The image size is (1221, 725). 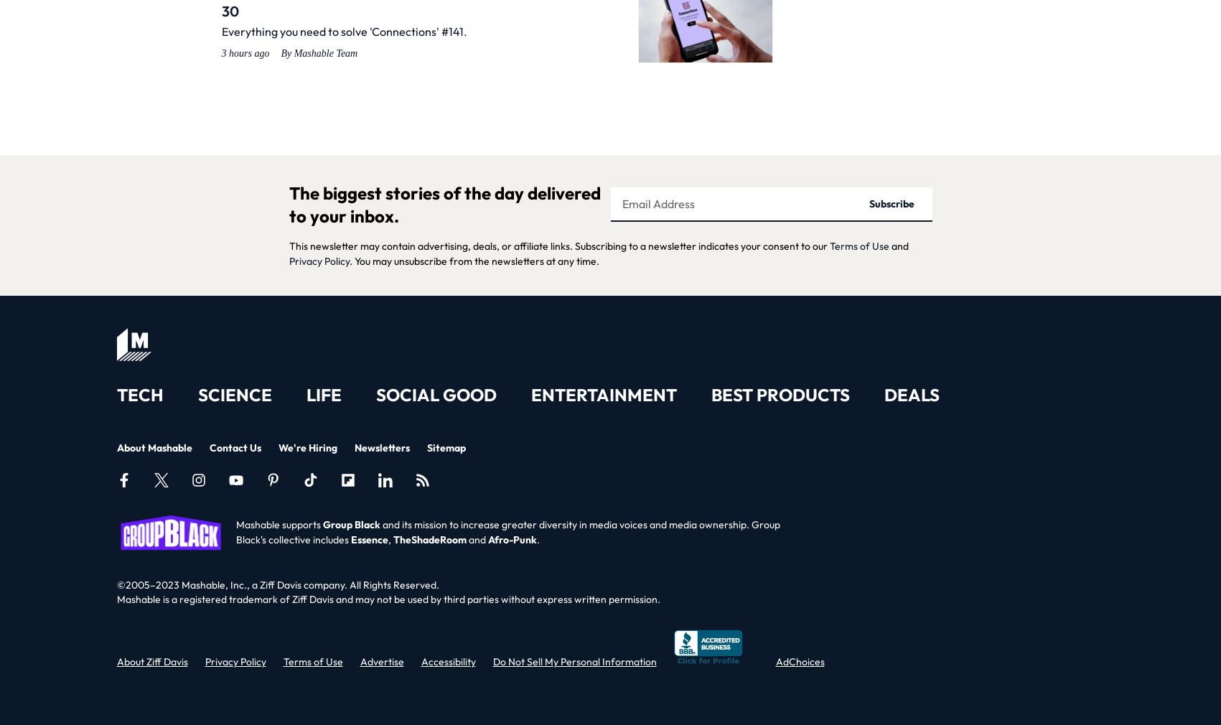 What do you see at coordinates (429, 538) in the screenshot?
I see `'TheShadeRoom'` at bounding box center [429, 538].